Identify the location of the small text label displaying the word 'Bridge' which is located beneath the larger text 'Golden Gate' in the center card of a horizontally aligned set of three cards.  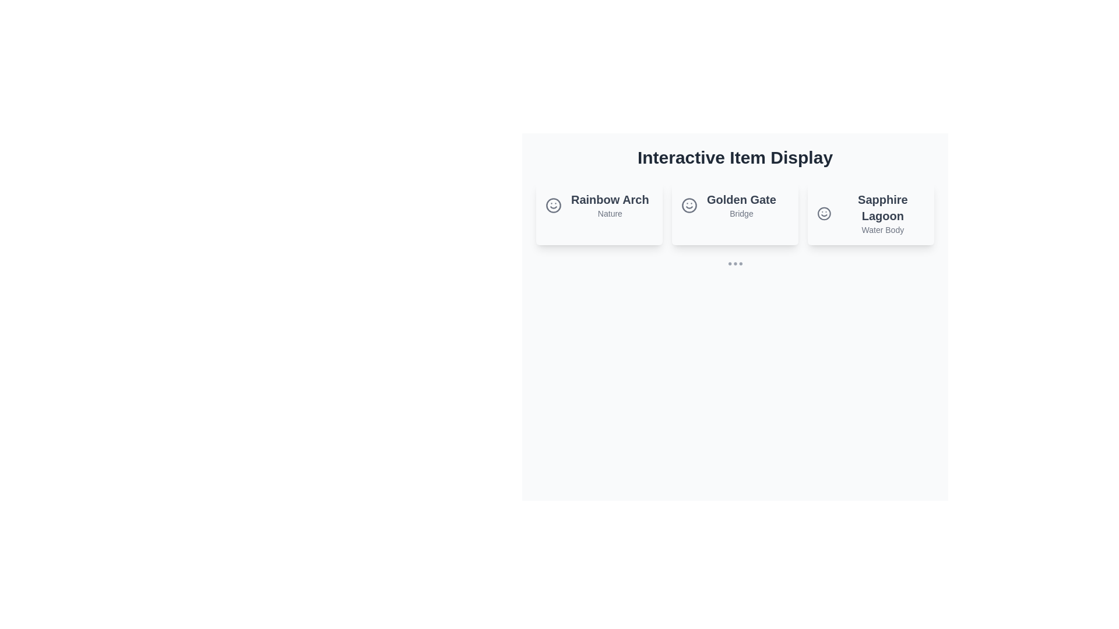
(741, 213).